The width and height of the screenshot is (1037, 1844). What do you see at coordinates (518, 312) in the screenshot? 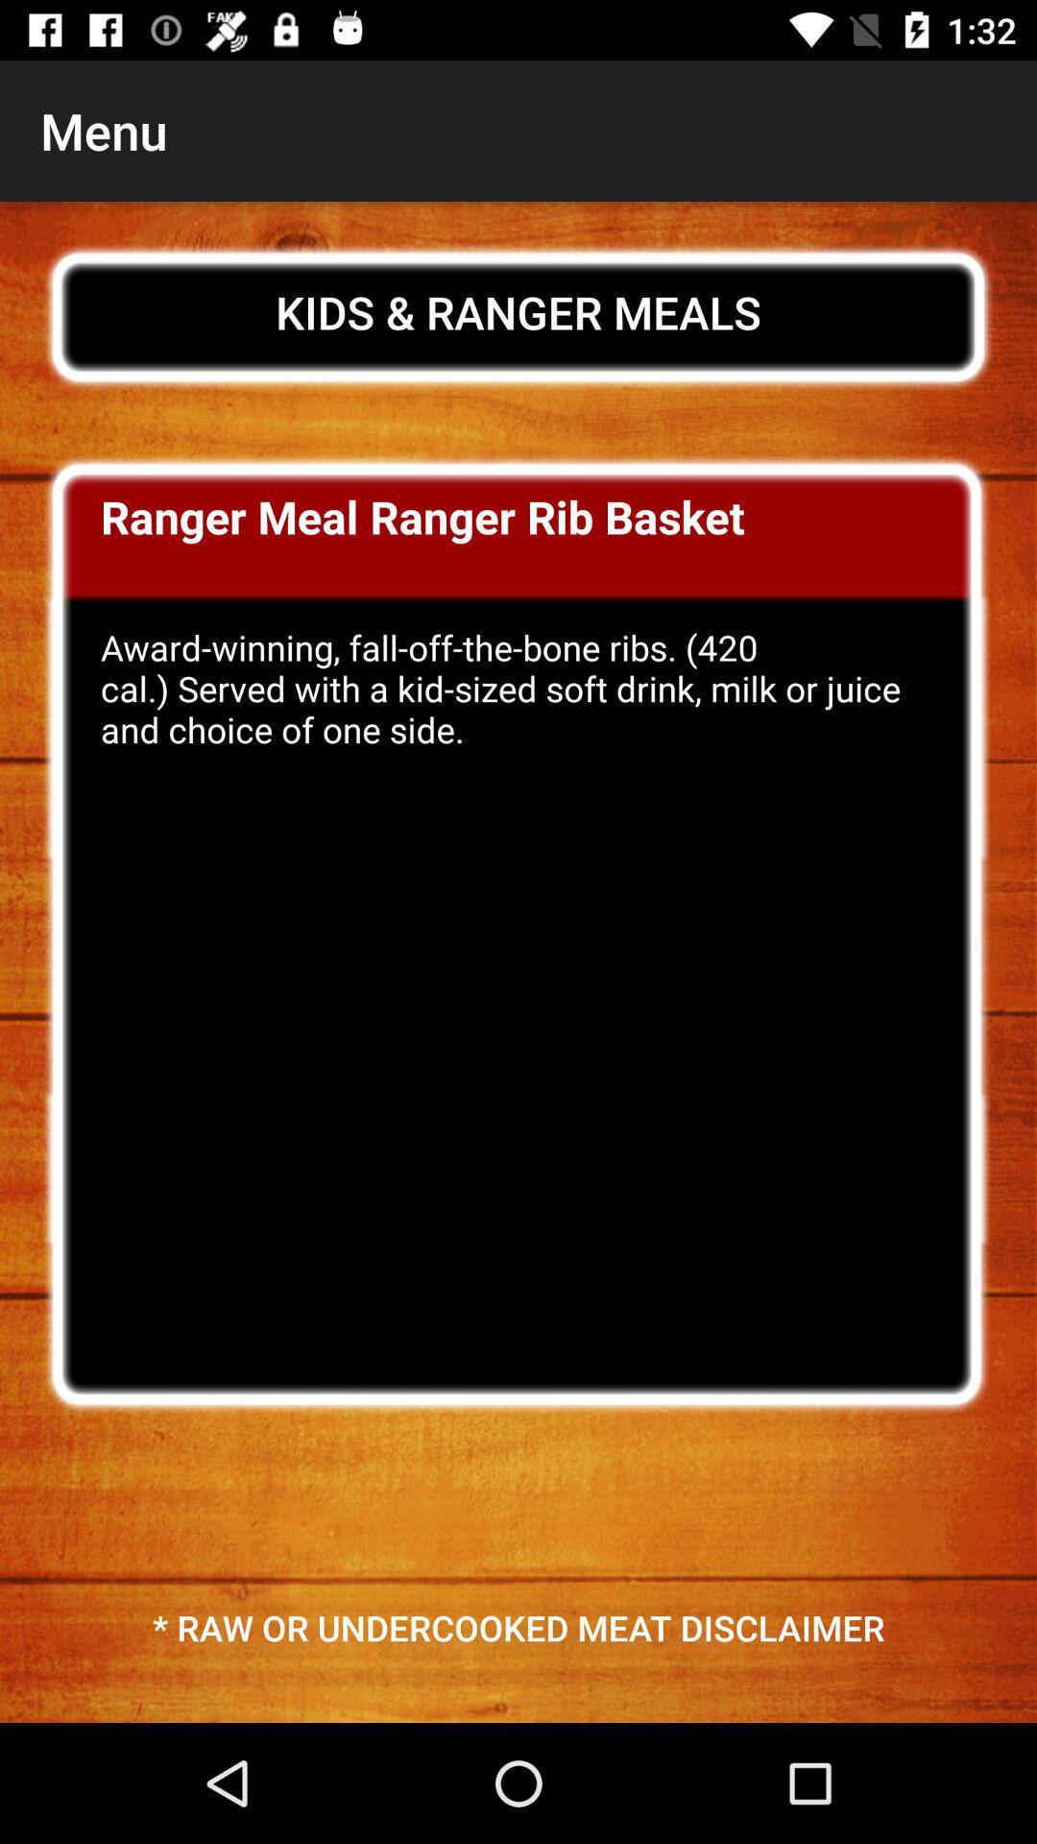
I see `the app above the ranger meal ranger` at bounding box center [518, 312].